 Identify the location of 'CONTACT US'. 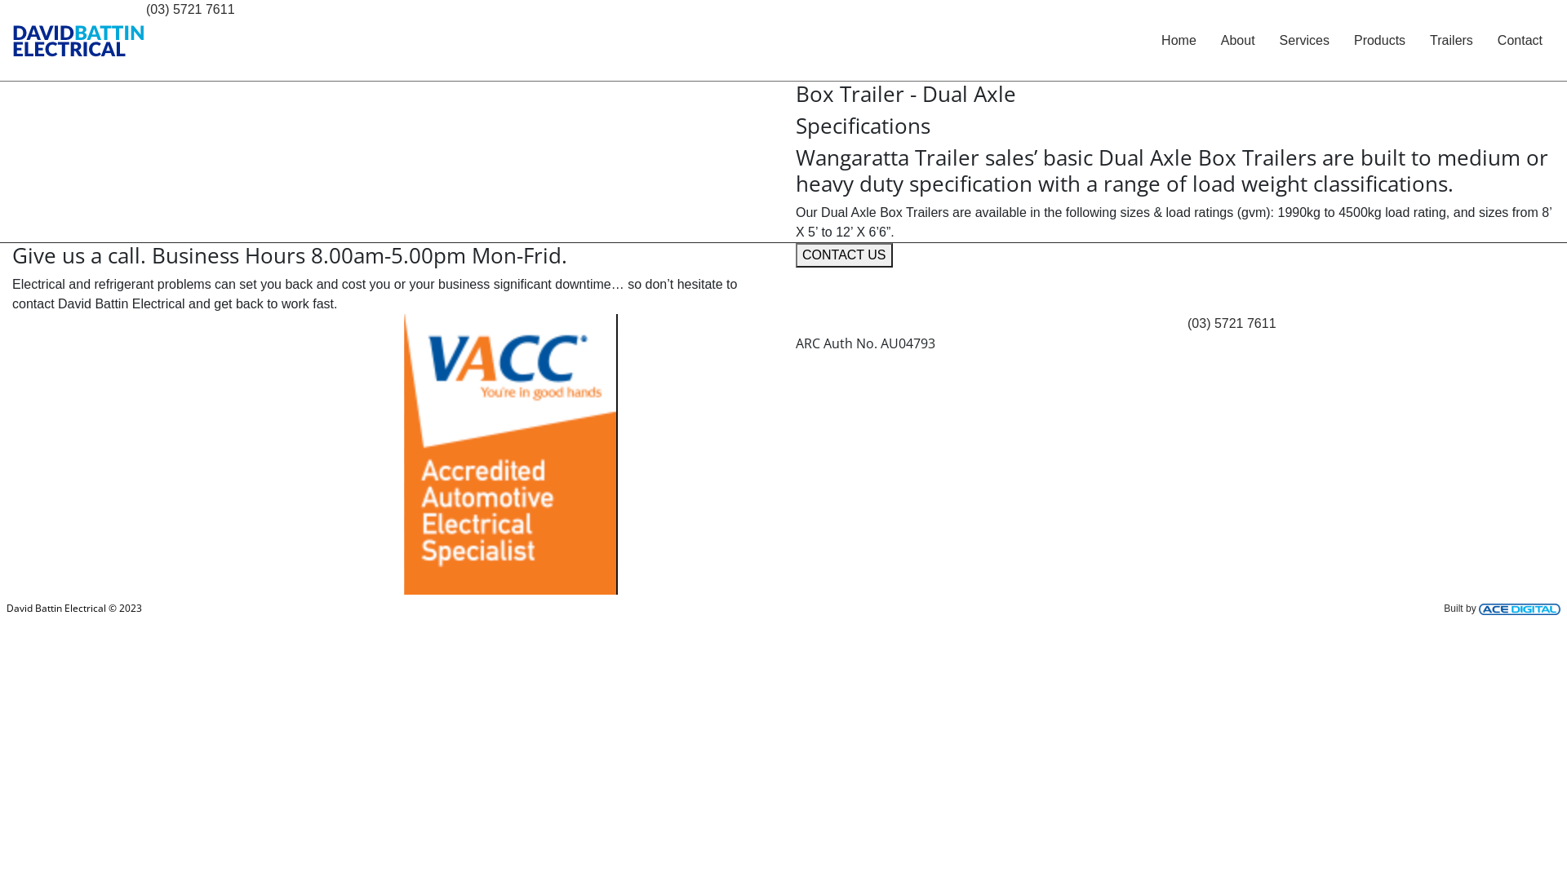
(795, 255).